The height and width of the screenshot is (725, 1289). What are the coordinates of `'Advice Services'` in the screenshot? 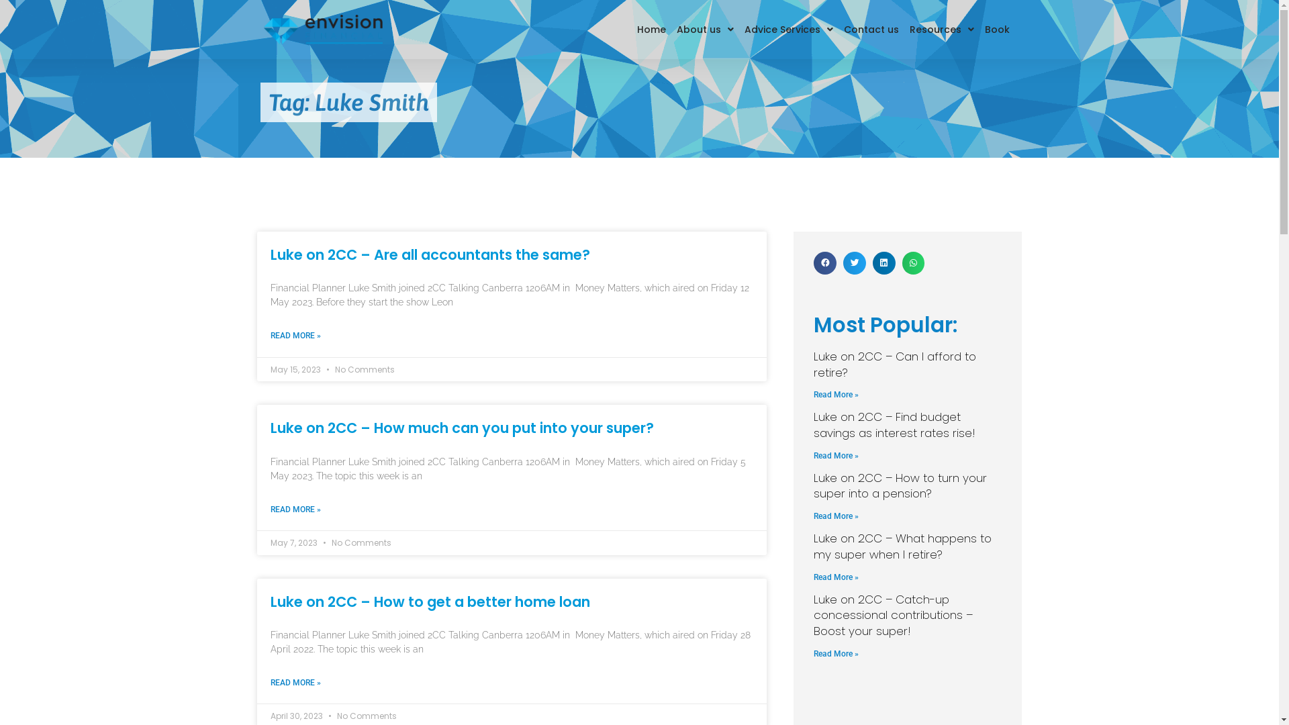 It's located at (789, 29).